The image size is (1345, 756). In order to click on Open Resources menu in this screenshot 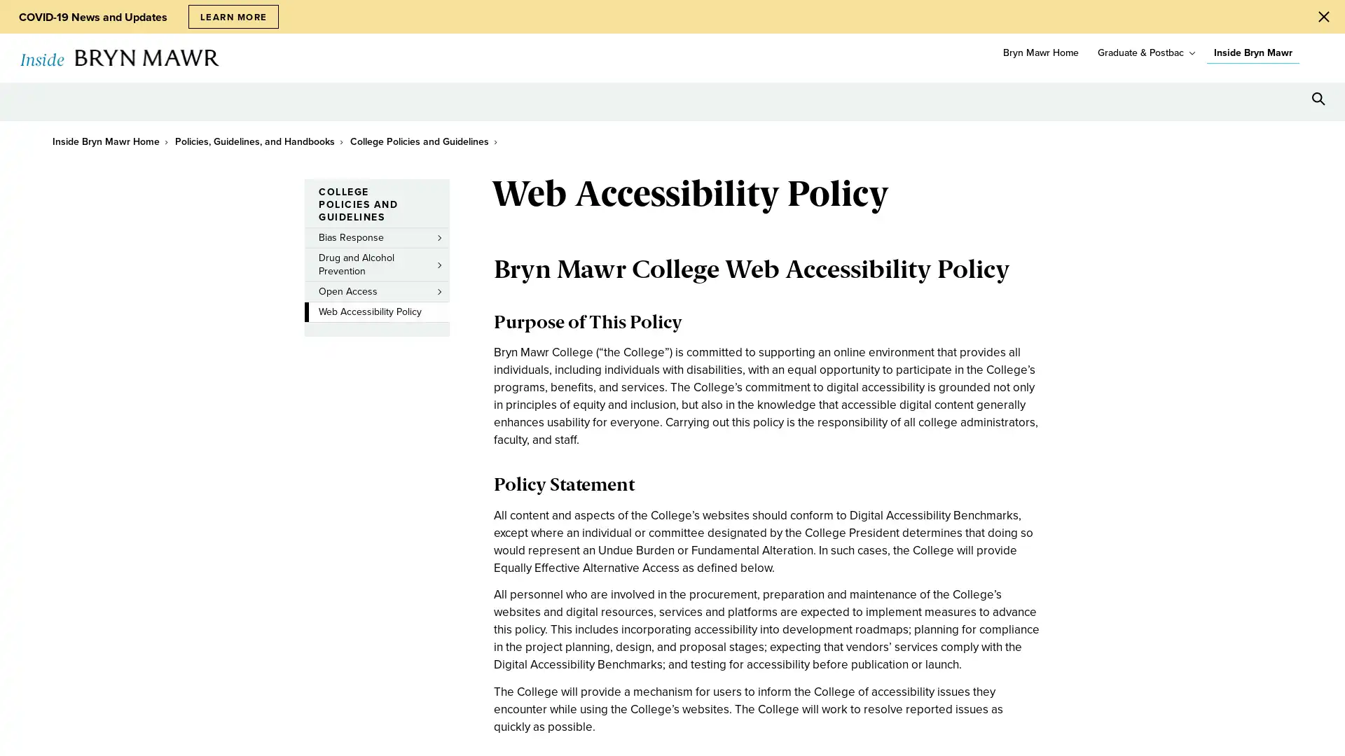, I will do `click(1282, 97)`.